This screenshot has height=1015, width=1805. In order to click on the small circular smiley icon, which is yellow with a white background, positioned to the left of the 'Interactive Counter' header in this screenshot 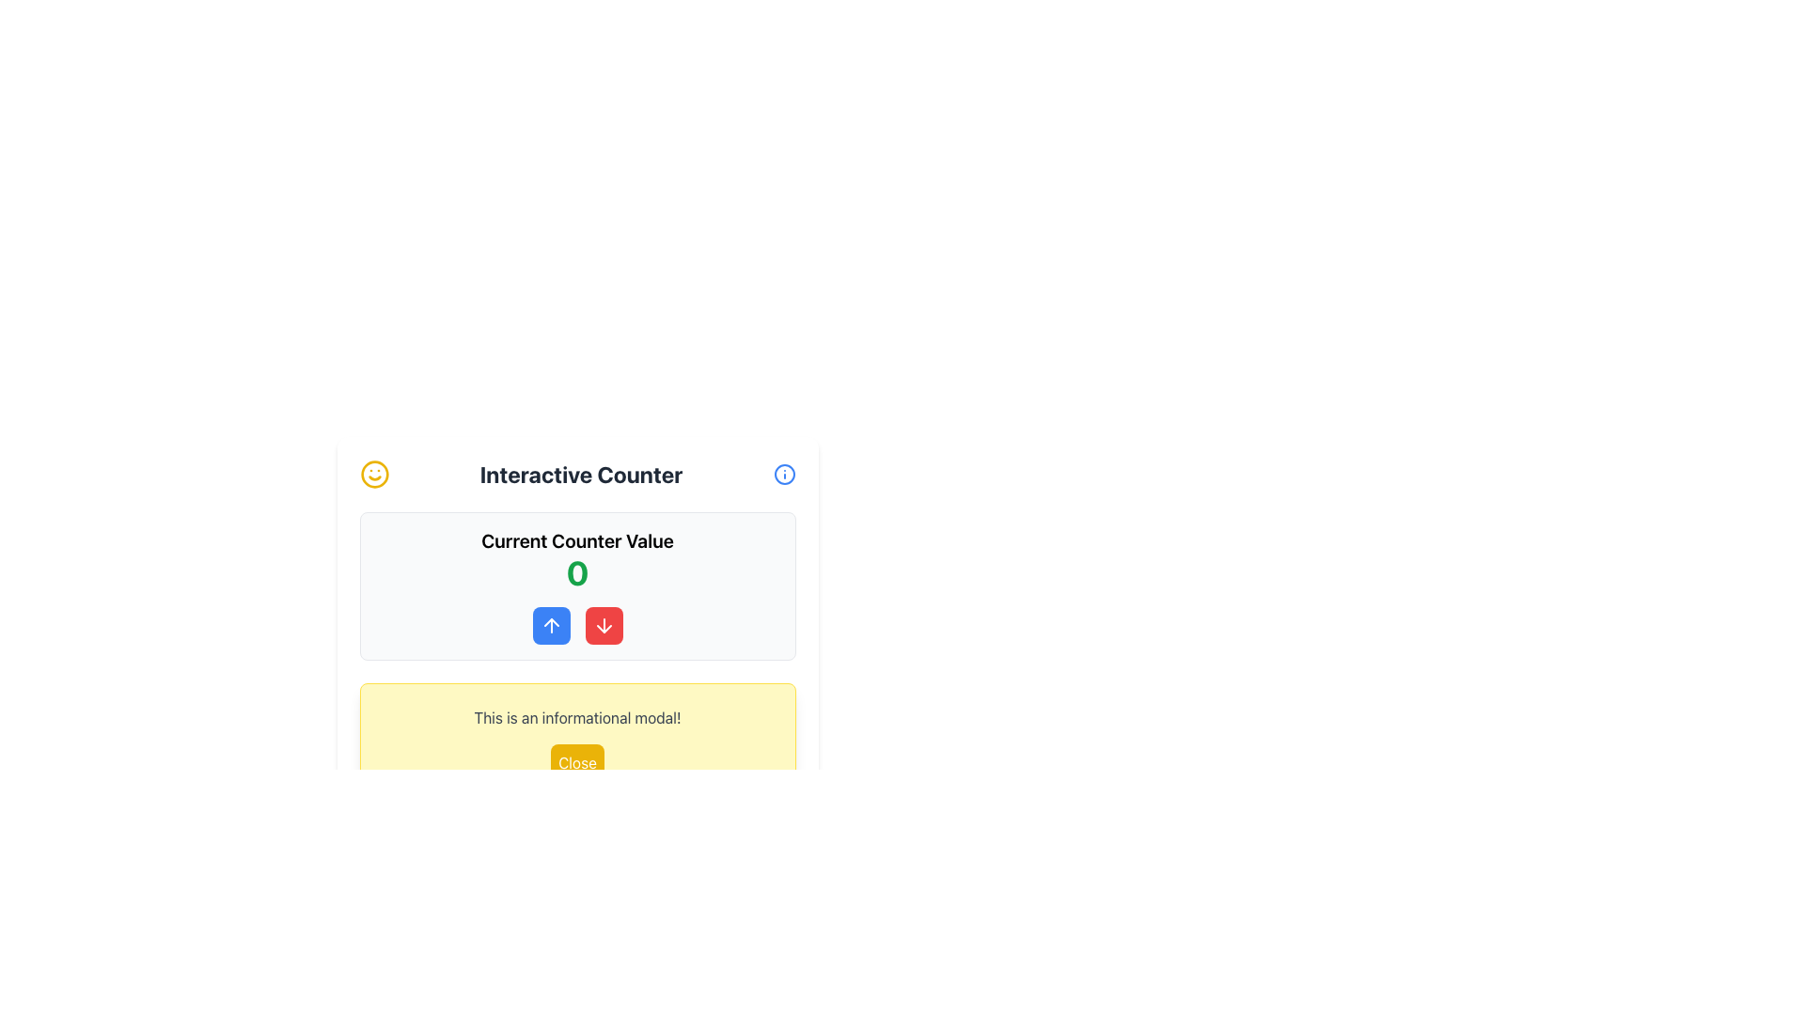, I will do `click(374, 474)`.